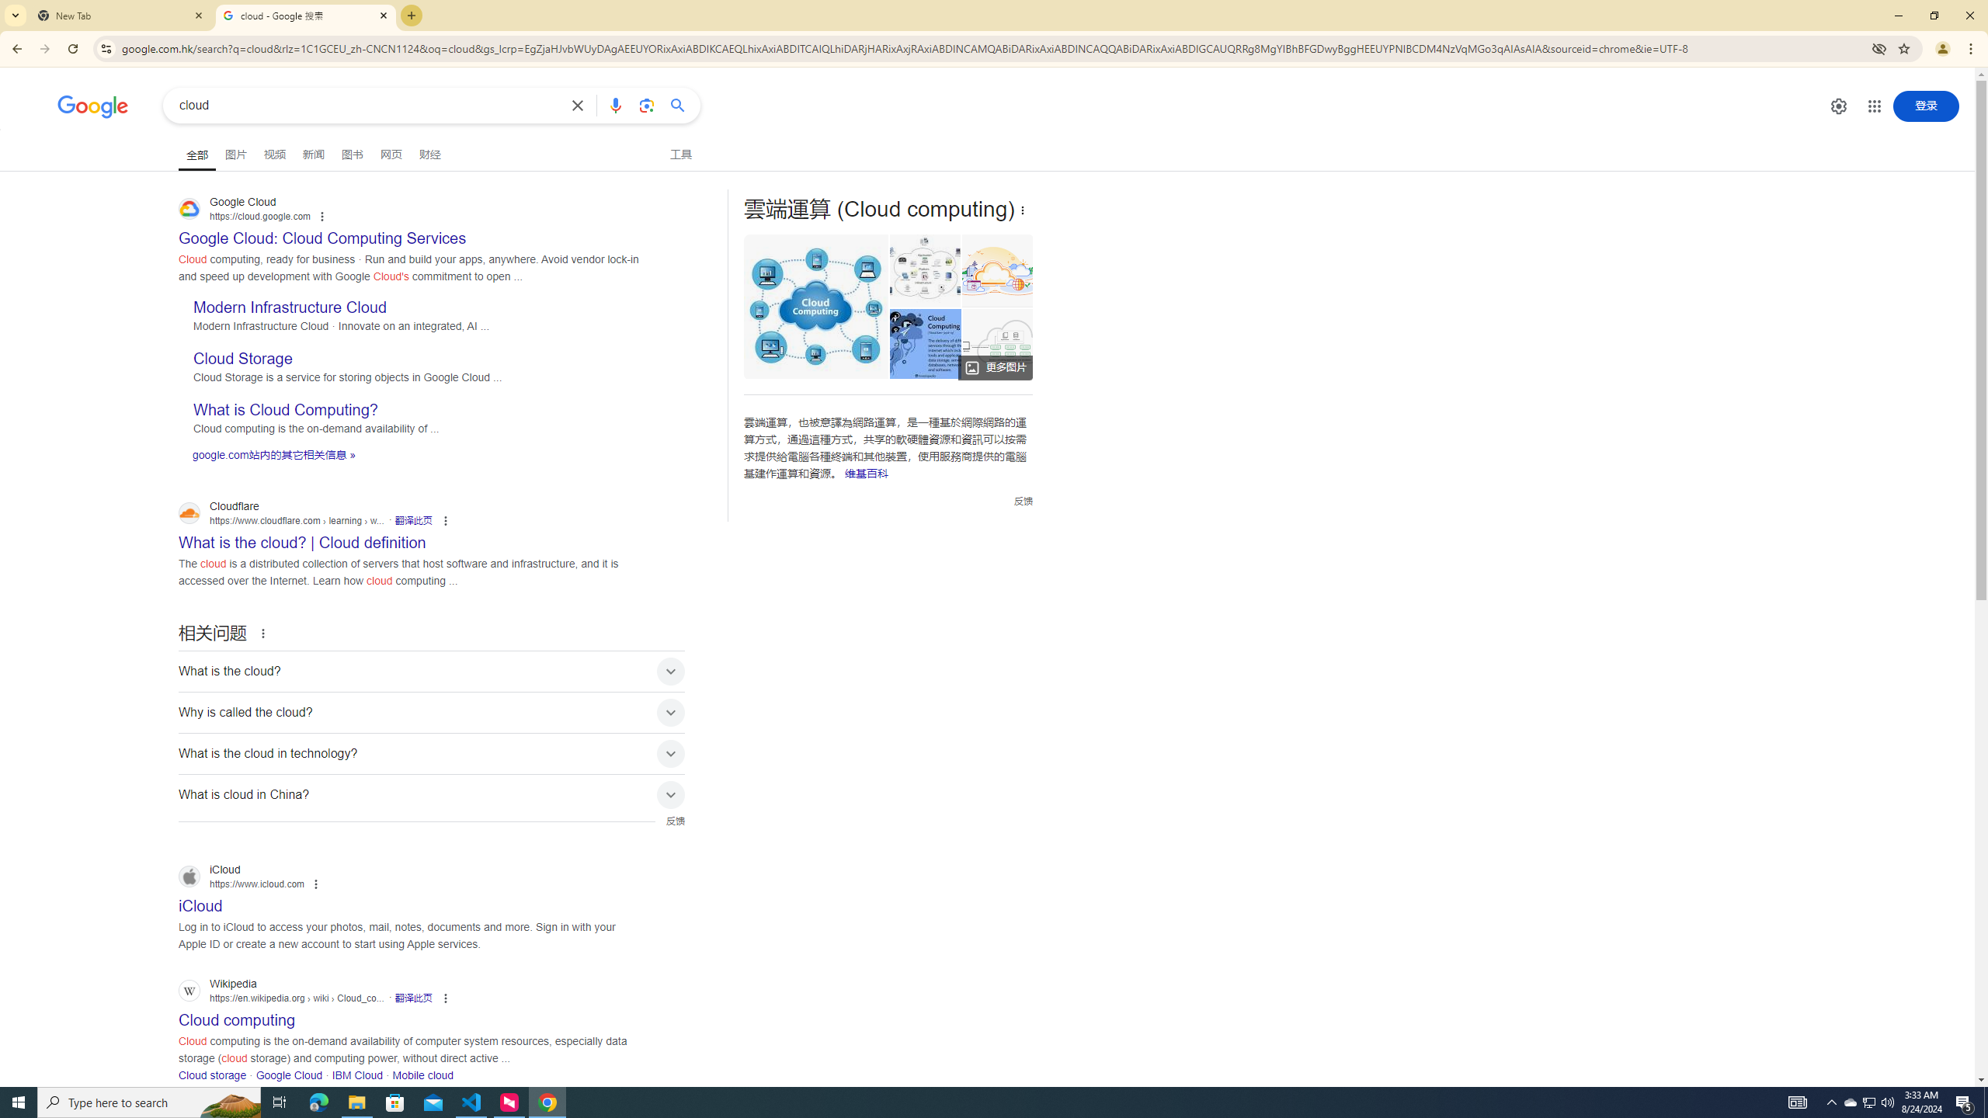 This screenshot has height=1118, width=1988. Describe the element at coordinates (431, 711) in the screenshot. I see `'Why is called the cloud?'` at that location.